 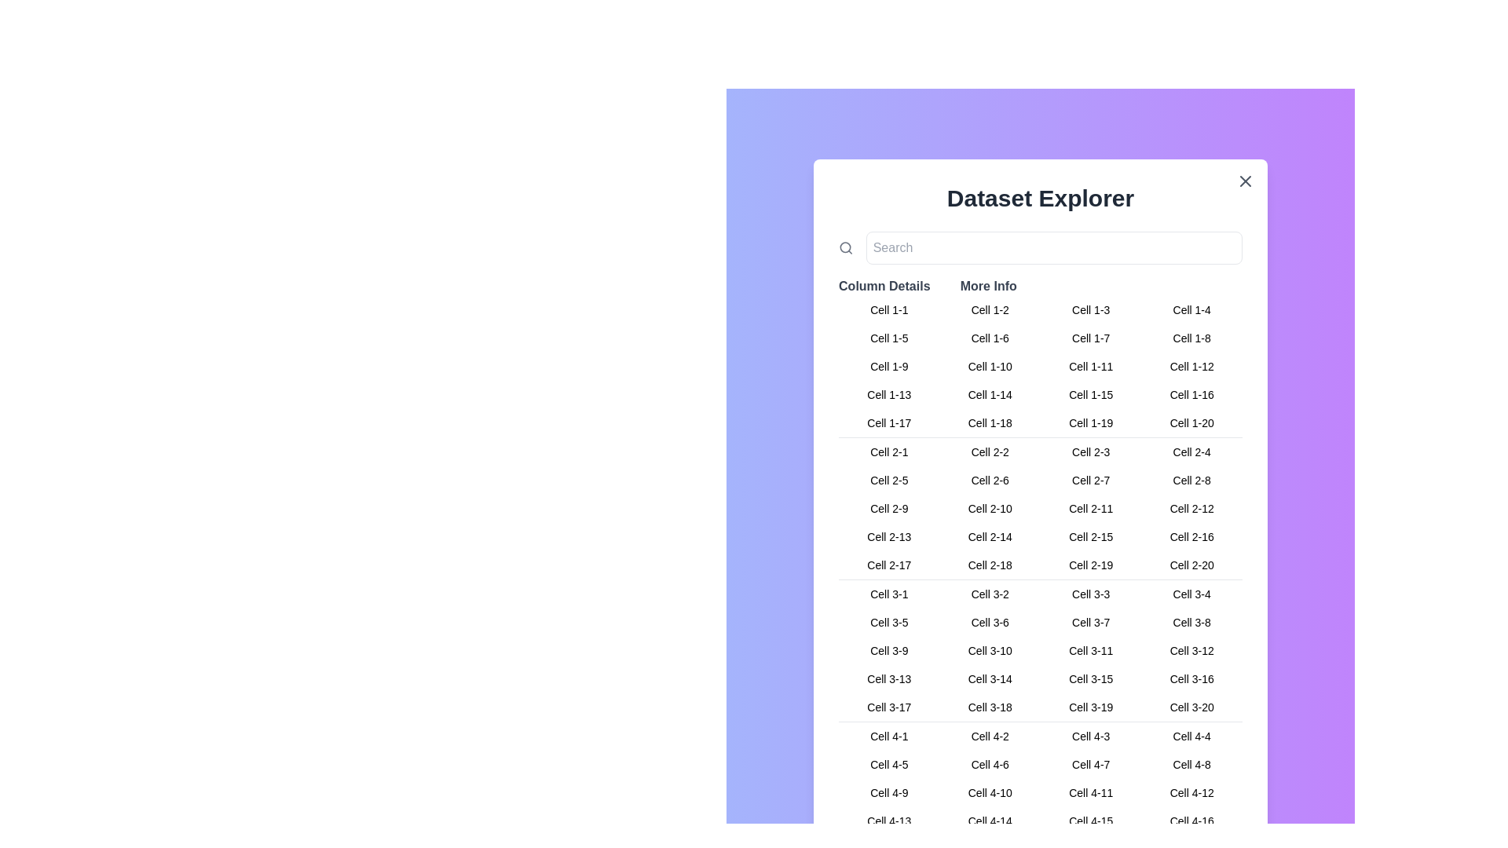 What do you see at coordinates (1054, 247) in the screenshot?
I see `the search input field to focus it` at bounding box center [1054, 247].